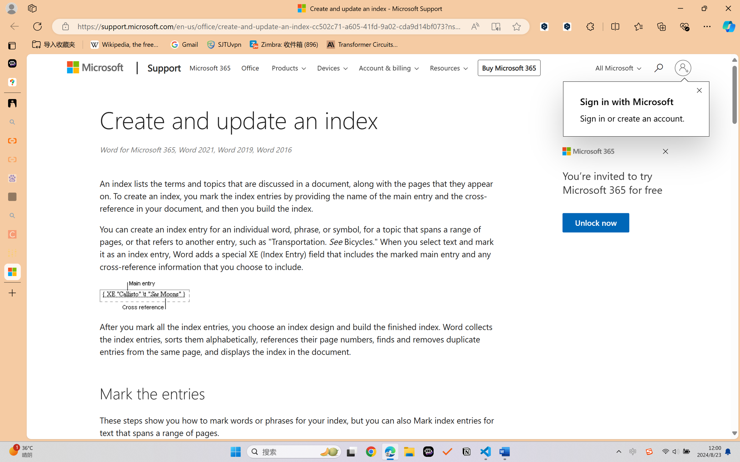 The width and height of the screenshot is (740, 462). What do you see at coordinates (682, 68) in the screenshot?
I see `'Sign in to your account'` at bounding box center [682, 68].